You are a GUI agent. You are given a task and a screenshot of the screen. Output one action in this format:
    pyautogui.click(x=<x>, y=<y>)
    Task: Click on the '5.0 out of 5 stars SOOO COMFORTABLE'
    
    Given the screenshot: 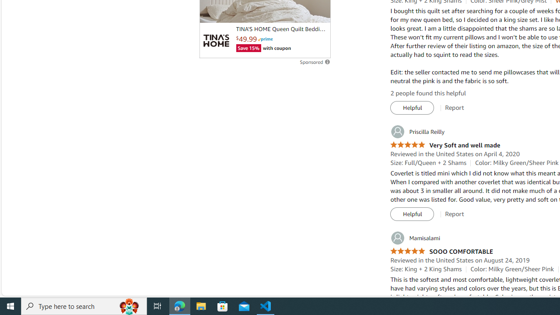 What is the action you would take?
    pyautogui.click(x=441, y=252)
    